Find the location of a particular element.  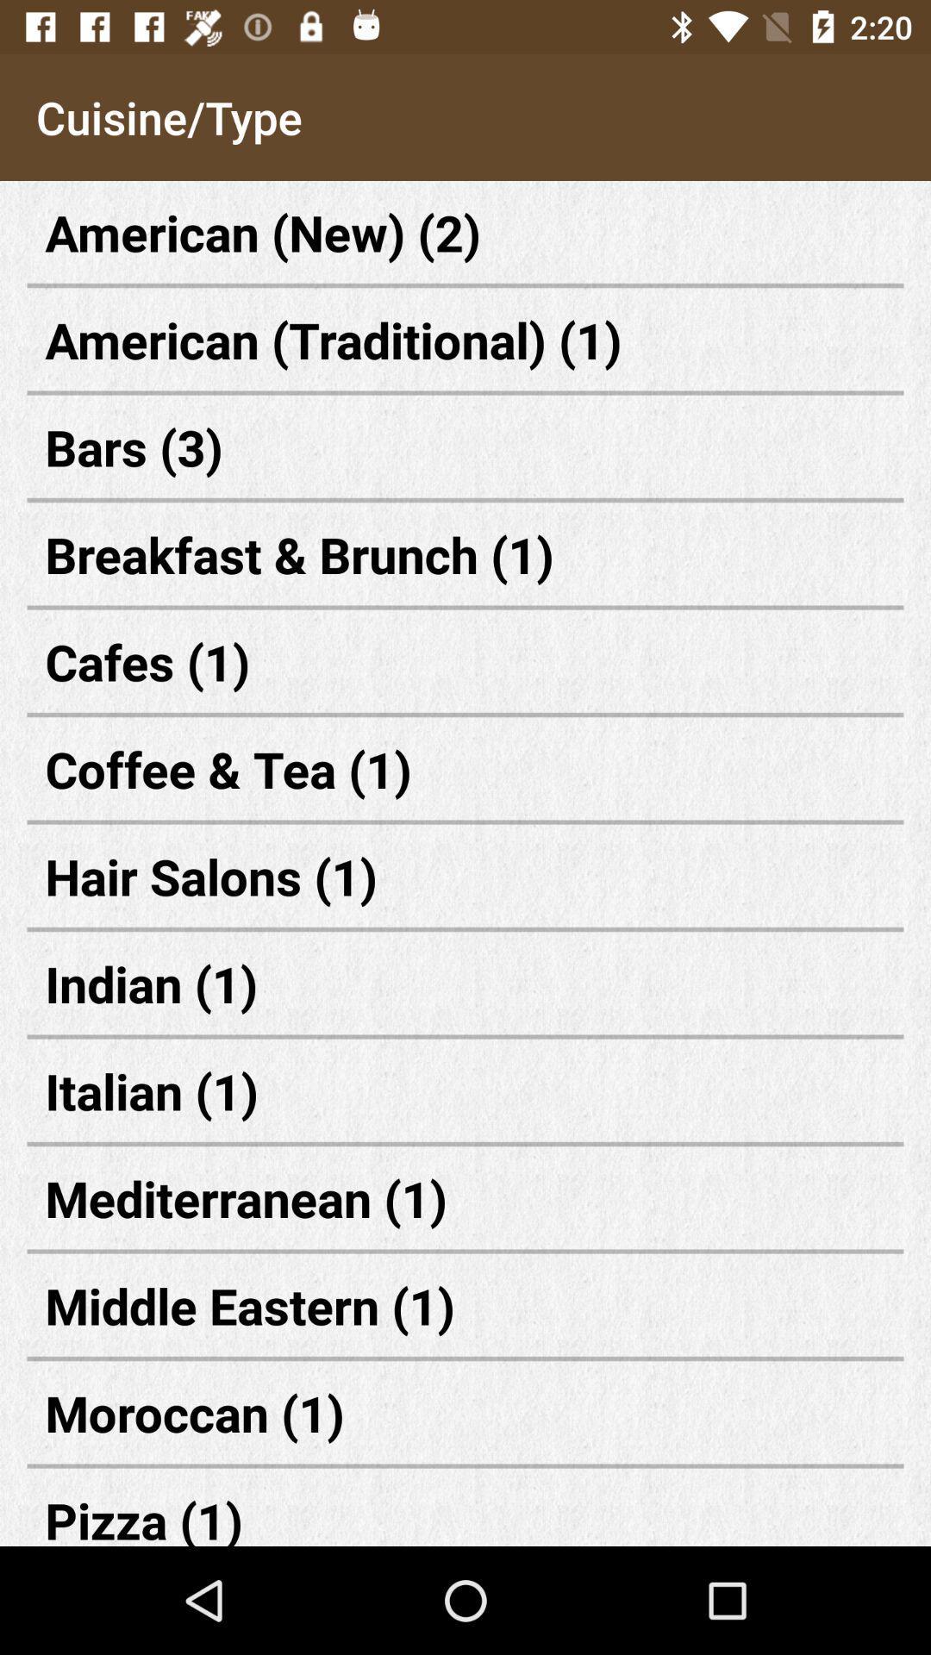

icon above breakfast & brunch (1) item is located at coordinates (465, 447).